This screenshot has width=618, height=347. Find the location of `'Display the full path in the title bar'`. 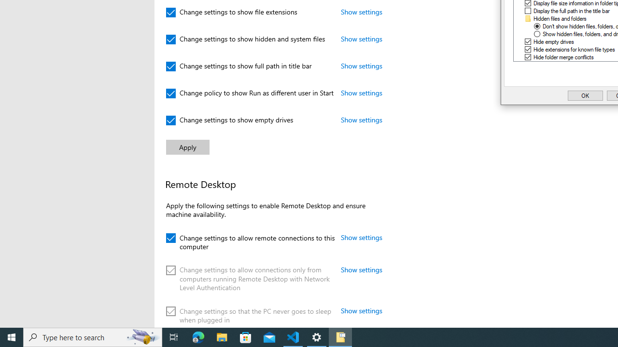

'Display the full path in the title bar' is located at coordinates (572, 11).